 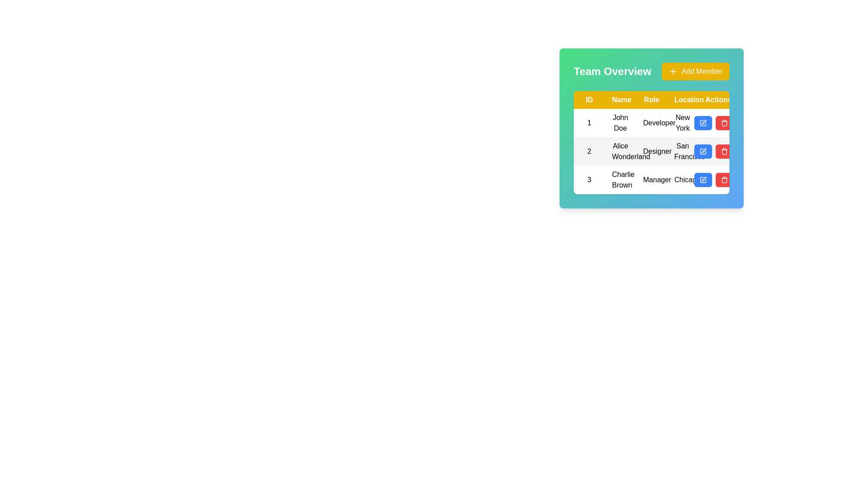 I want to click on the header cell labeled 'Role' in the table, which has a yellow background and white text, positioned between 'Name' and 'Location', so click(x=651, y=100).